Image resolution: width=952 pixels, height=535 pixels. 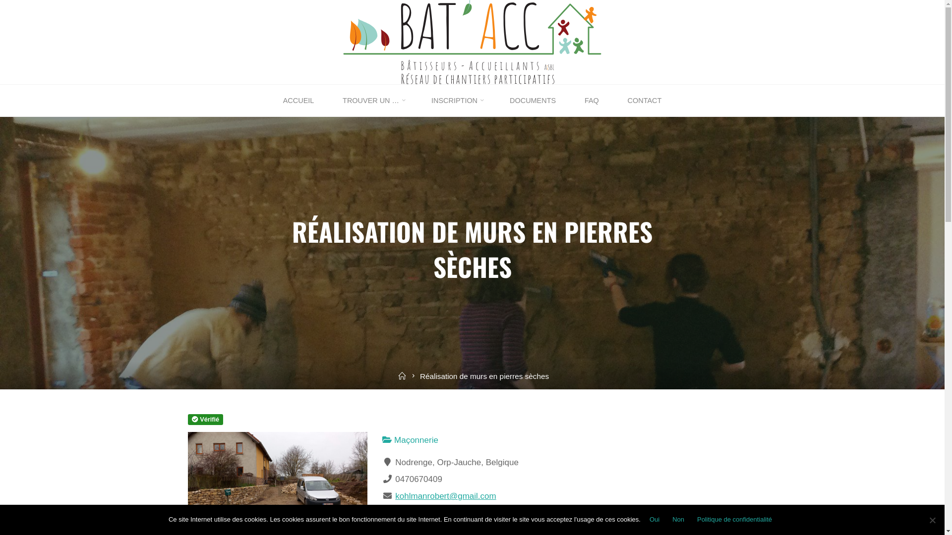 What do you see at coordinates (592, 101) in the screenshot?
I see `'FAQ'` at bounding box center [592, 101].